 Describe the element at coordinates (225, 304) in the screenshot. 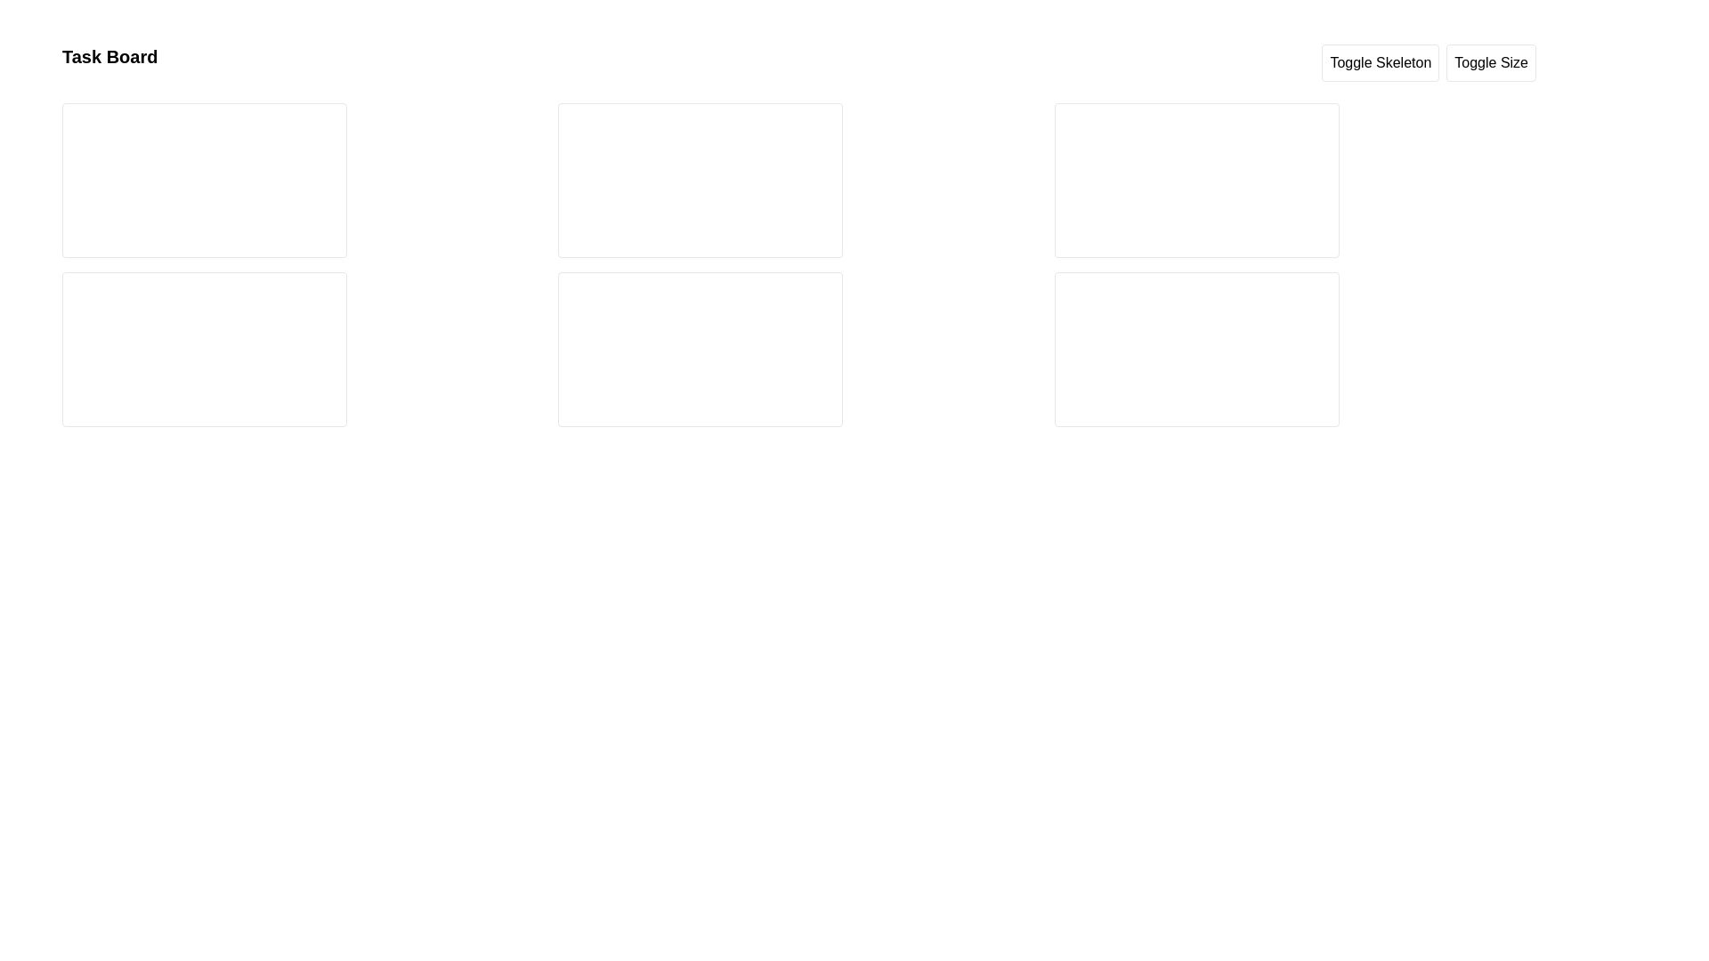

I see `the second component, a placeholder or skeleton loader, positioned to the right of a smaller square element` at that location.